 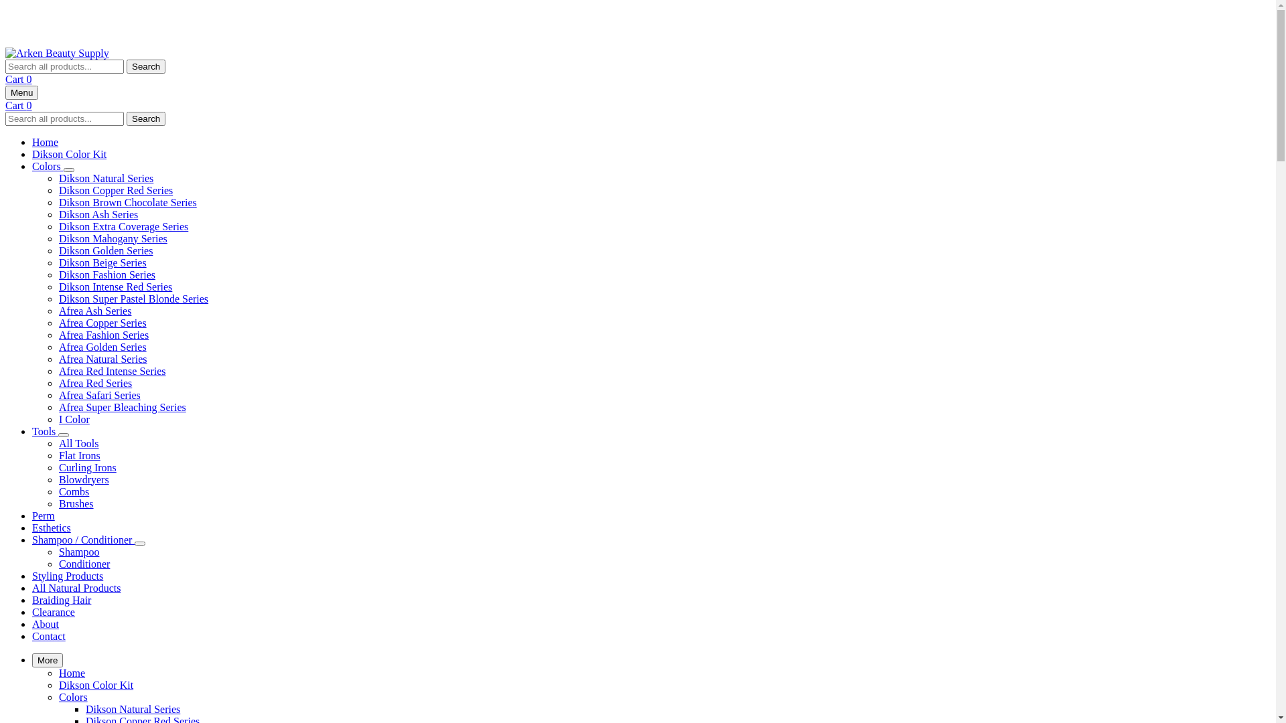 What do you see at coordinates (45, 624) in the screenshot?
I see `'About'` at bounding box center [45, 624].